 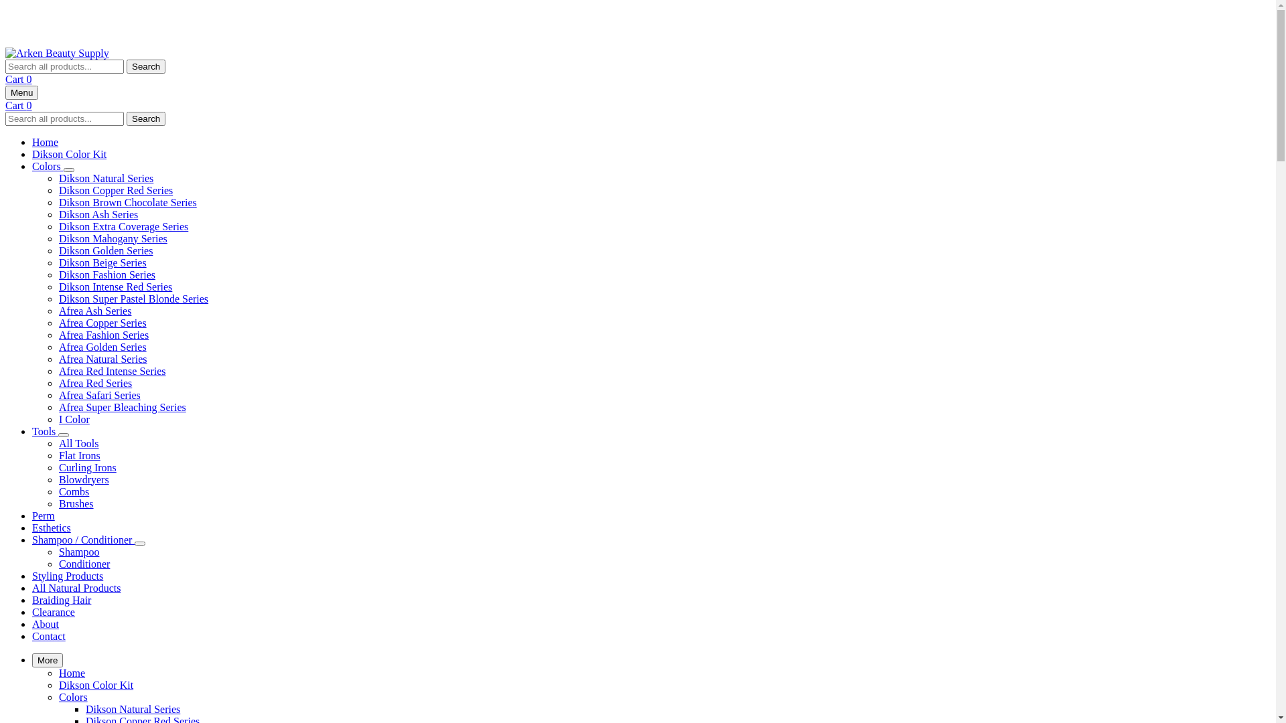 What do you see at coordinates (45, 624) in the screenshot?
I see `'About'` at bounding box center [45, 624].